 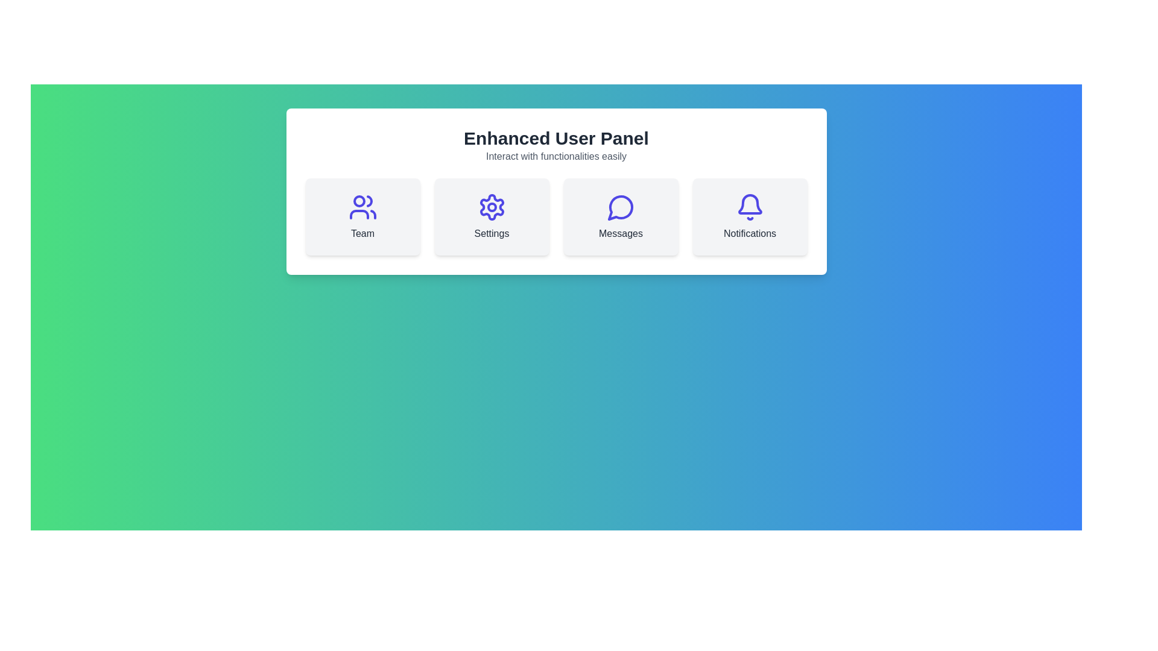 I want to click on the static text label 'Team' located at the bottom center of the first card in a row of four cards, so click(x=362, y=234).